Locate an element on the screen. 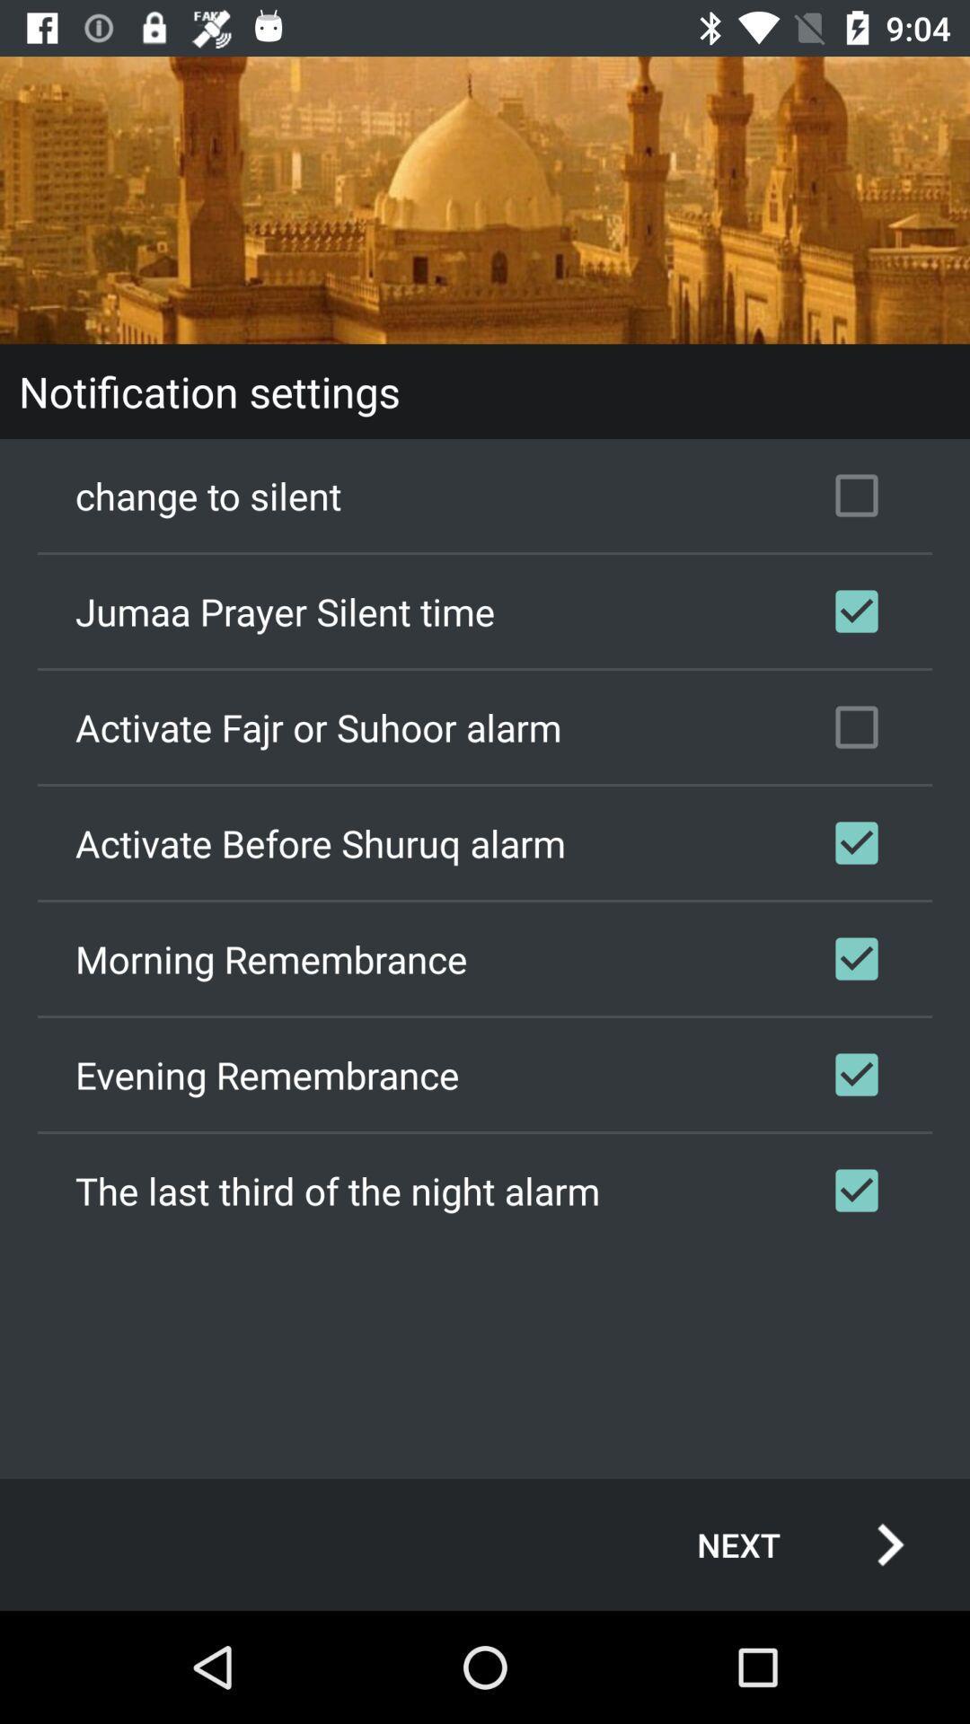  the change to silent icon is located at coordinates (485, 496).